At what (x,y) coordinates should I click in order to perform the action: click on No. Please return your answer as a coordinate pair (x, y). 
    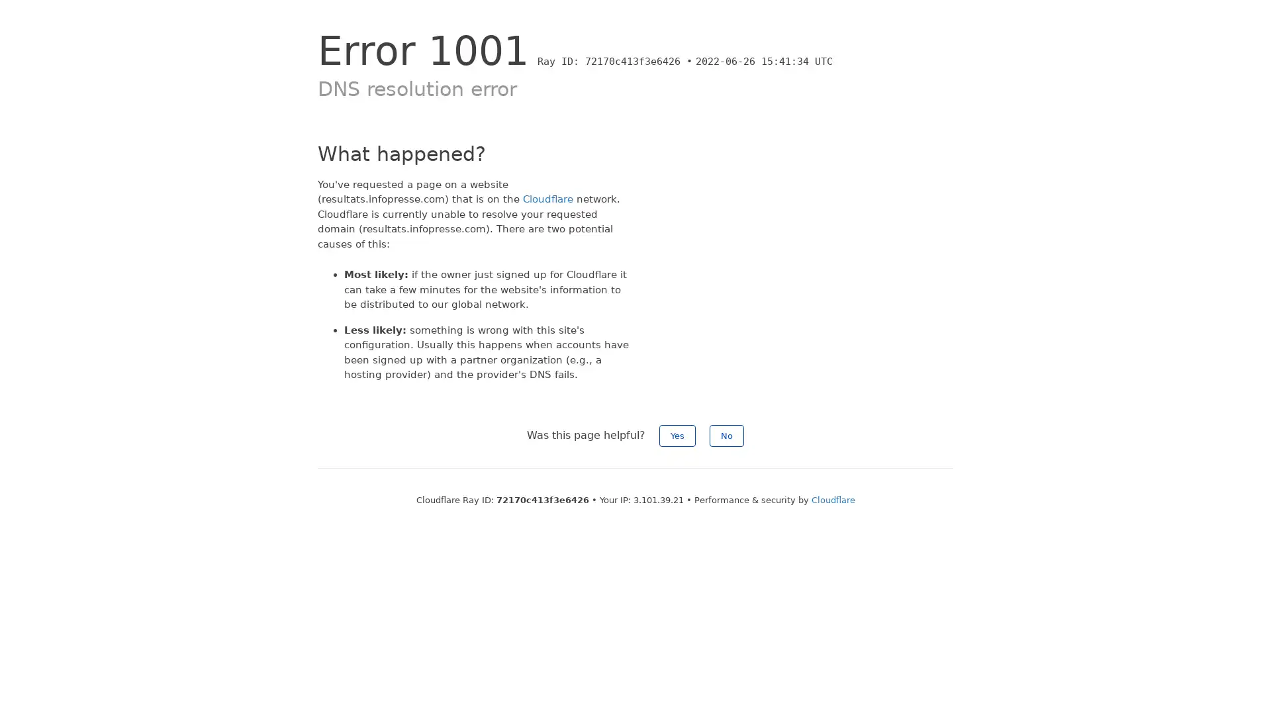
    Looking at the image, I should click on (726, 435).